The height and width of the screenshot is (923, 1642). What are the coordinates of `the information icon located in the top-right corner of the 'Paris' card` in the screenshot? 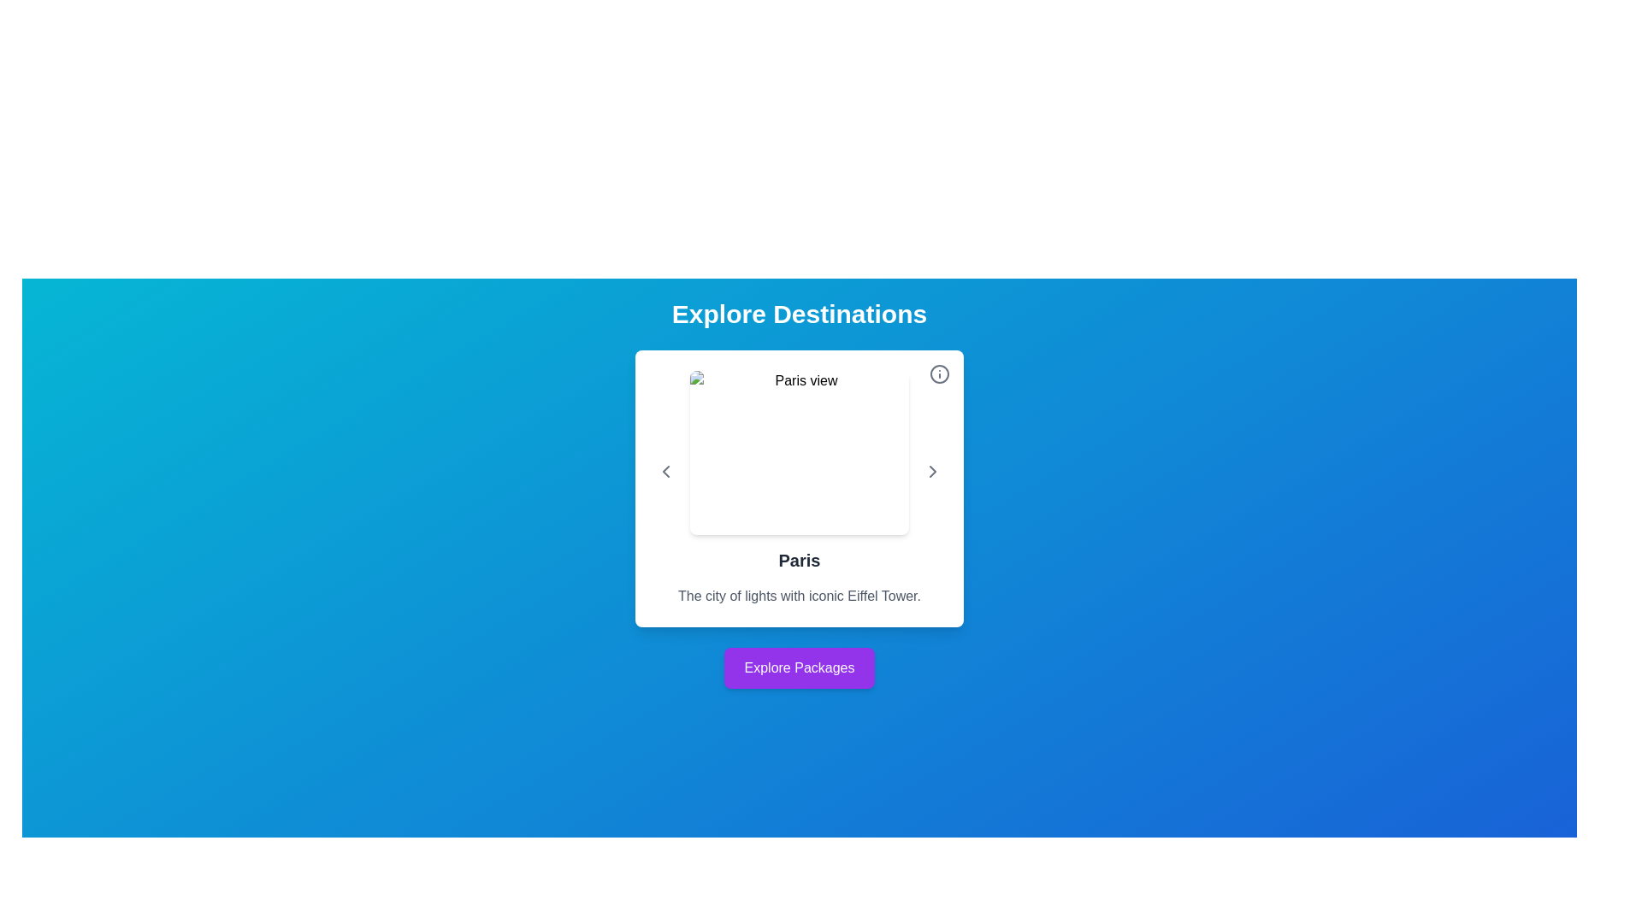 It's located at (939, 373).